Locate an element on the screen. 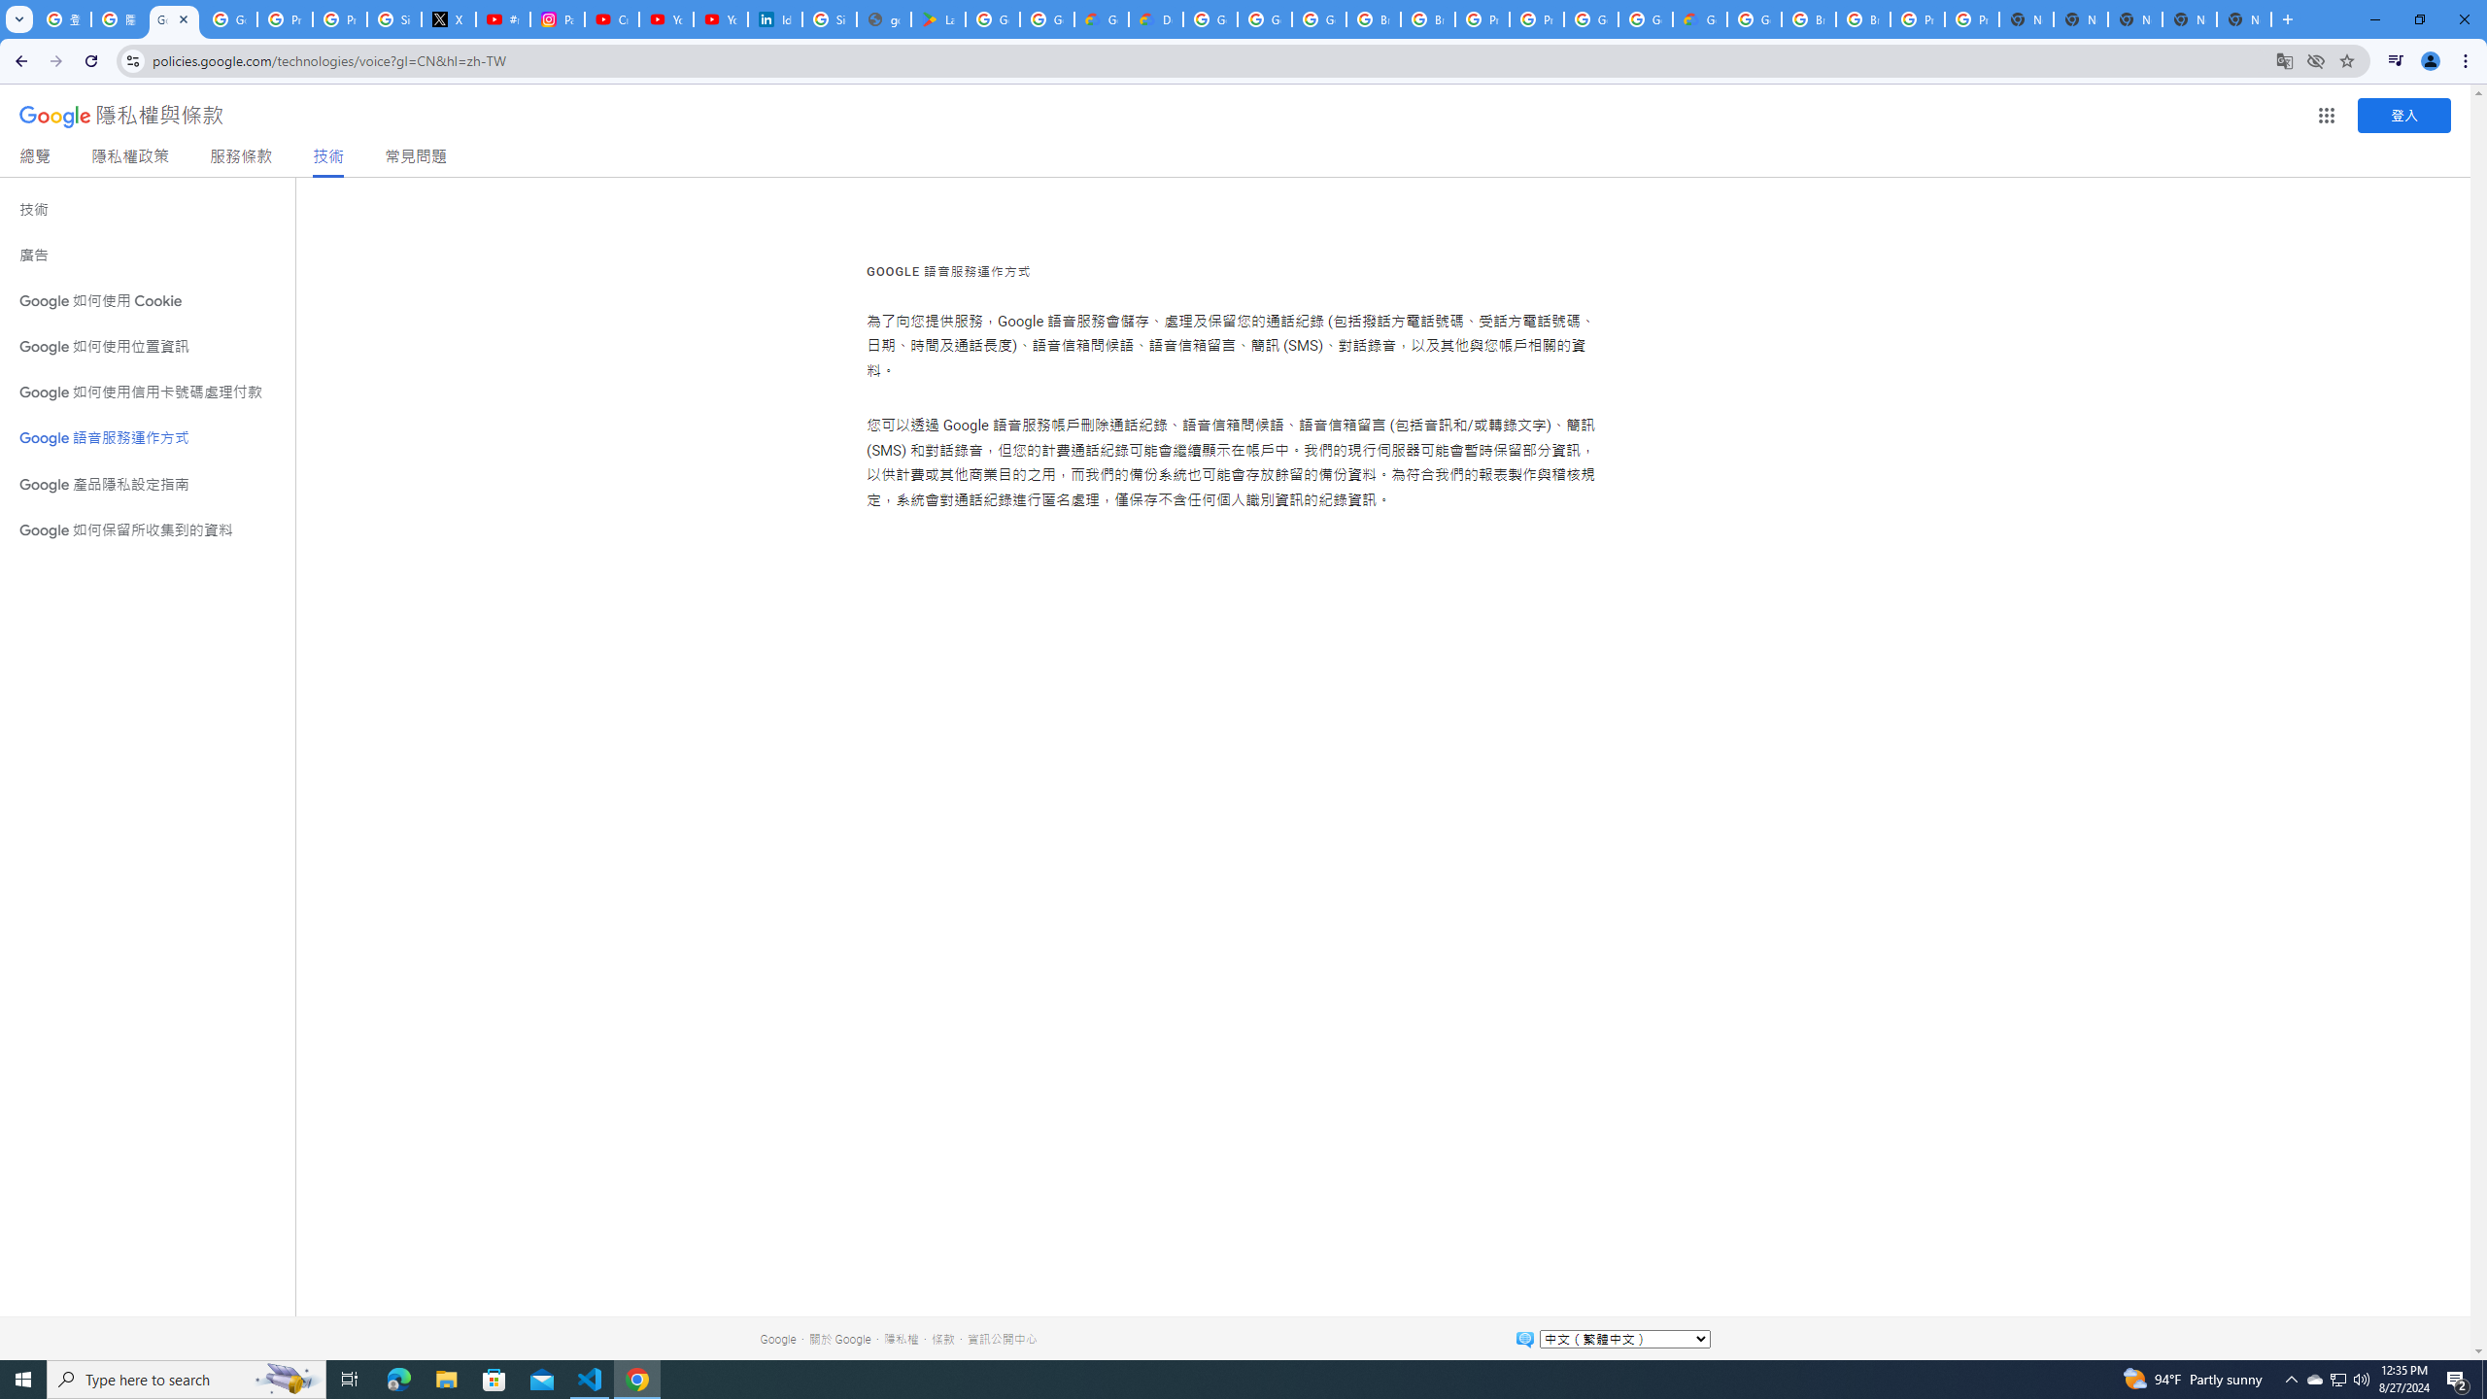 The width and height of the screenshot is (2487, 1399). 'Google Cloud Platform' is located at coordinates (1644, 18).